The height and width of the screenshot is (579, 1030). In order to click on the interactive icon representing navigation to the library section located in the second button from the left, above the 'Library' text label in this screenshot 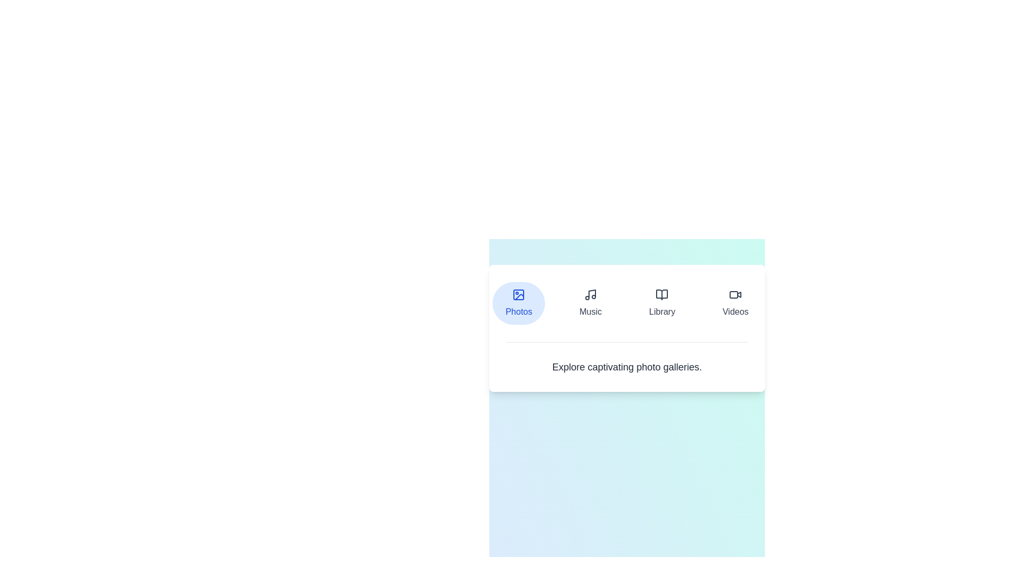, I will do `click(661, 295)`.